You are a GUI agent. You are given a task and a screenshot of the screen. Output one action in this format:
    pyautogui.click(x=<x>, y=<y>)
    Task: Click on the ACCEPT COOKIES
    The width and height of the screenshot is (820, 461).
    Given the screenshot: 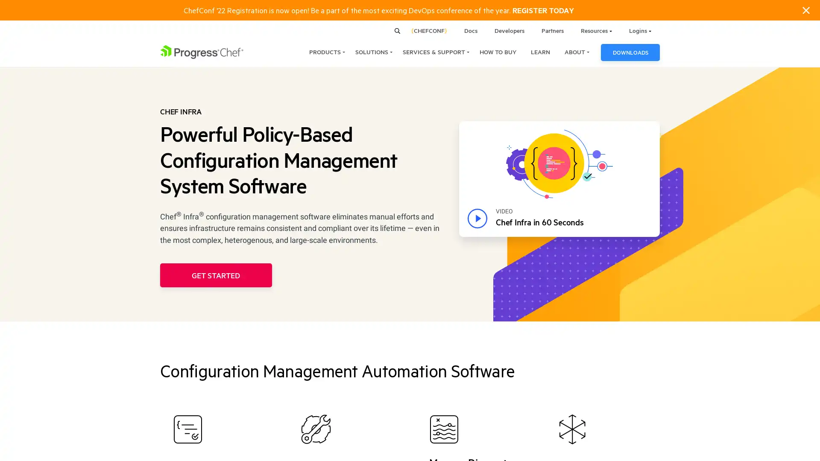 What is the action you would take?
    pyautogui.click(x=694, y=444)
    